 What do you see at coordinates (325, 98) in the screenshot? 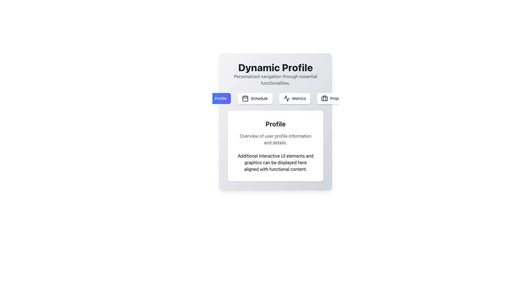
I see `the 'Projects' icon located on the rightmost section of the horizontal menu` at bounding box center [325, 98].